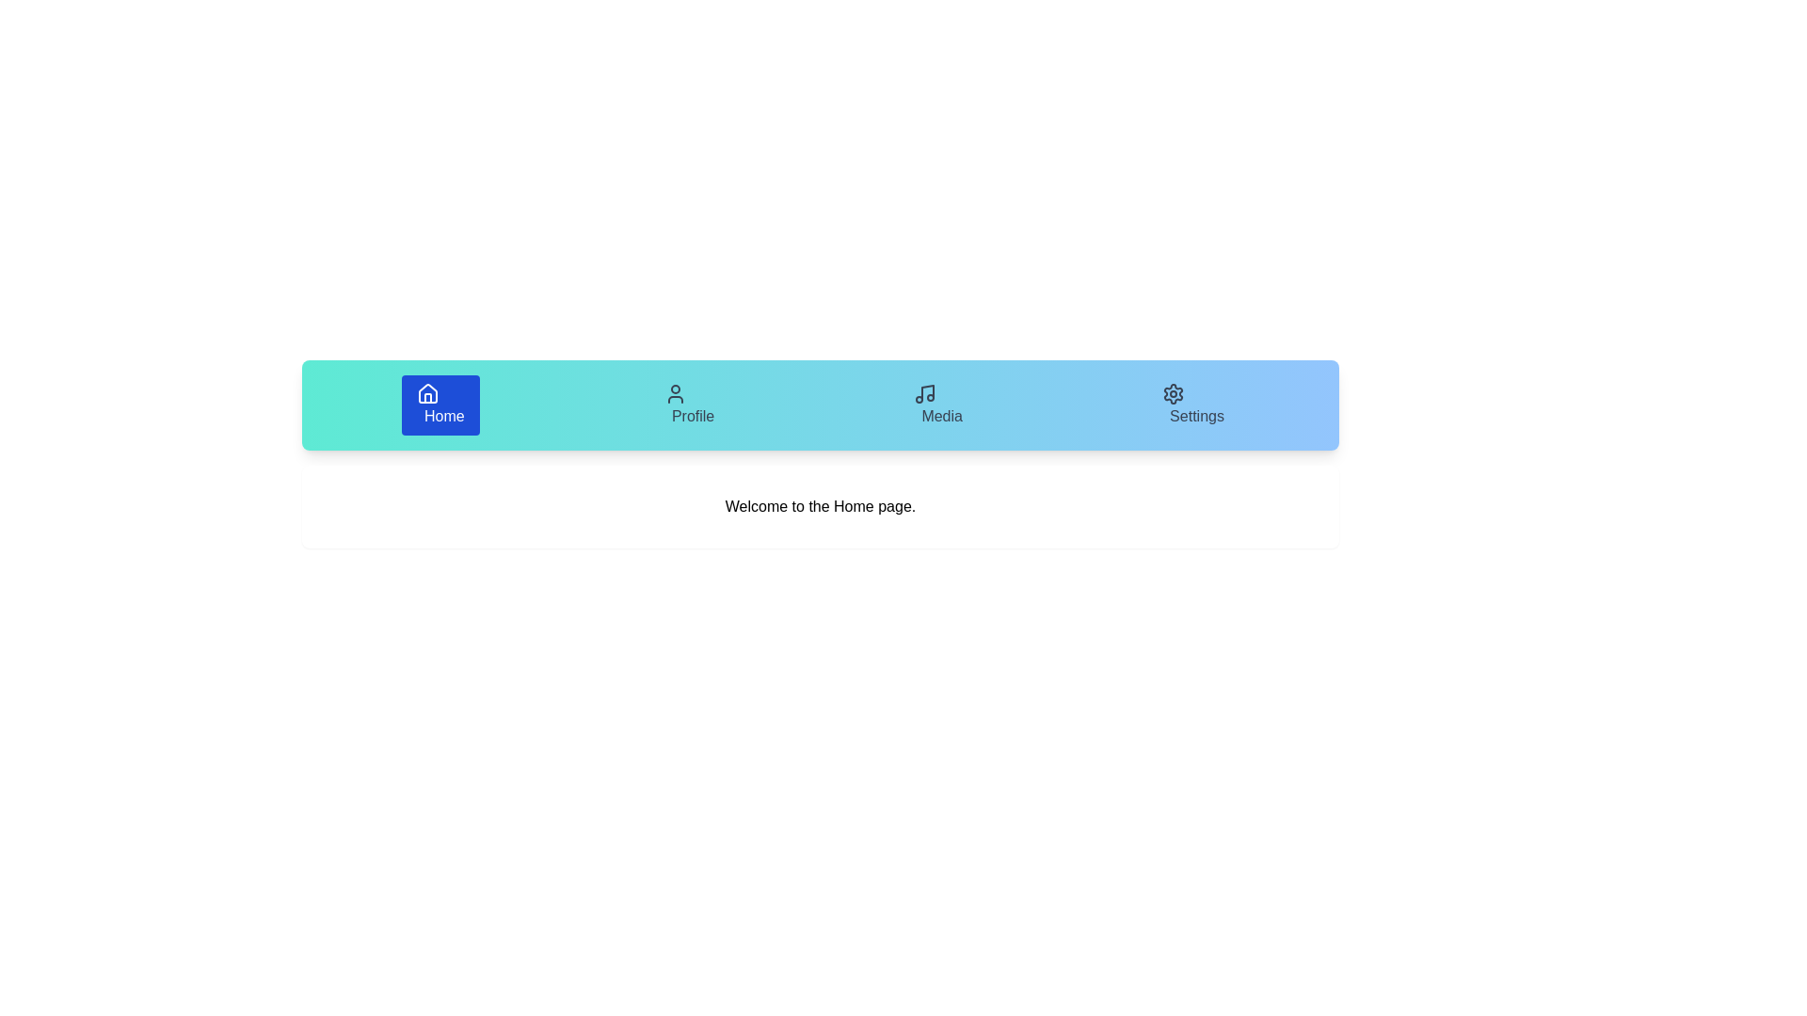 The image size is (1807, 1016). I want to click on the tab labeled Home to evaluate its hover effect, so click(440, 405).